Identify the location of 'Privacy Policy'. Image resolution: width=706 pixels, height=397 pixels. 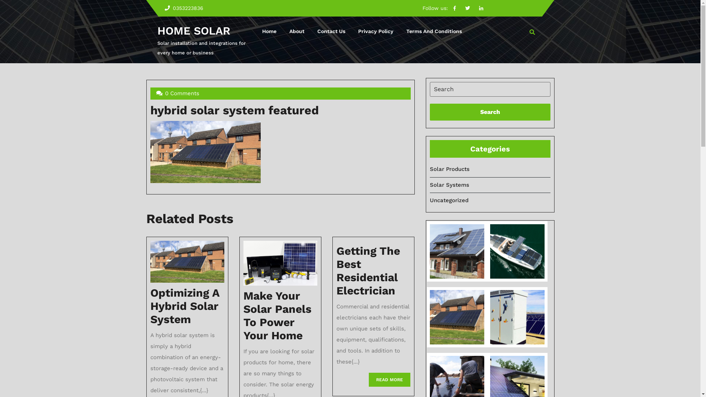
(375, 31).